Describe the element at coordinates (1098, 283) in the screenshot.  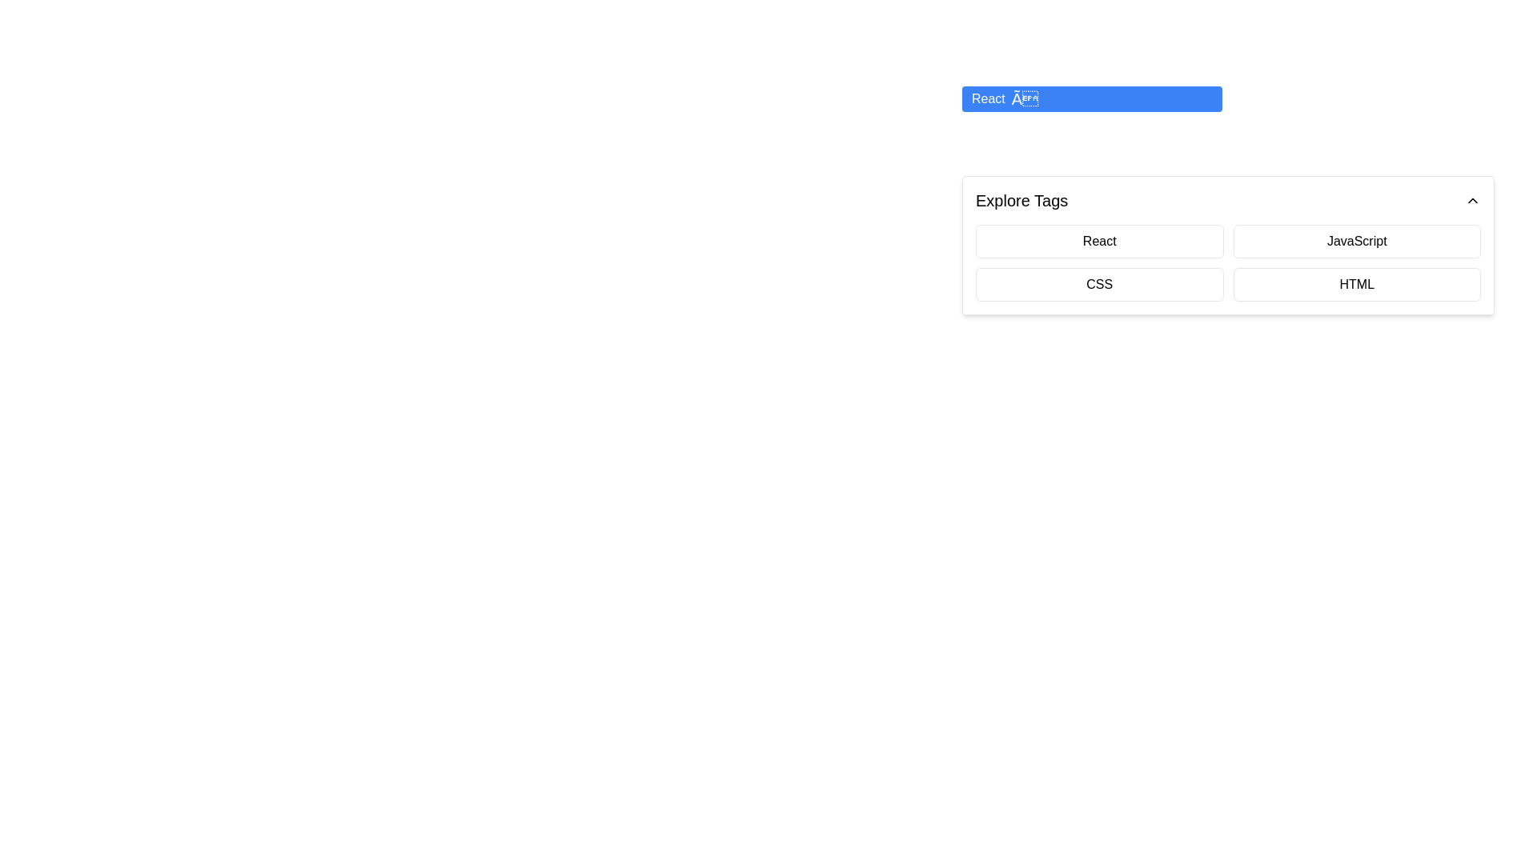
I see `the button that serves as a selector for the 'CSS' category, located in the lower-left quadrant of the grid, directly below the 'React' button and to the left of the 'HTML' button` at that location.